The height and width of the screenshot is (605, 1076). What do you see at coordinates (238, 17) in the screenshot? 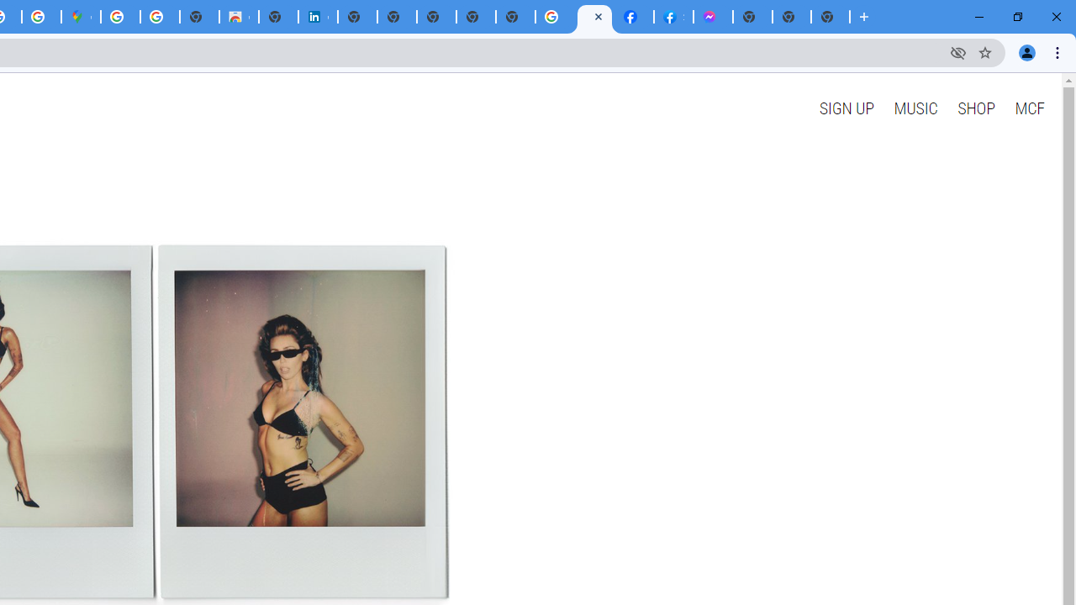
I see `'Chrome Web Store'` at bounding box center [238, 17].